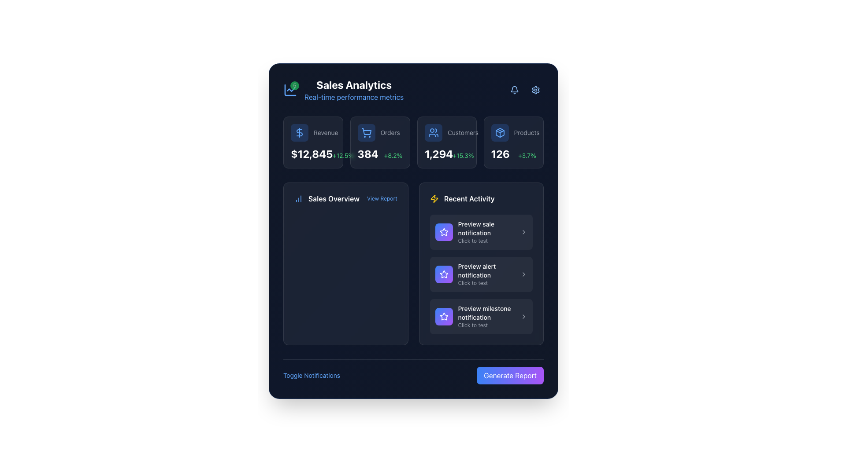 The width and height of the screenshot is (846, 475). I want to click on the 'Products' category SVG icon located in the top-right corner of the statistics section of the analytics dashboard, so click(500, 132).